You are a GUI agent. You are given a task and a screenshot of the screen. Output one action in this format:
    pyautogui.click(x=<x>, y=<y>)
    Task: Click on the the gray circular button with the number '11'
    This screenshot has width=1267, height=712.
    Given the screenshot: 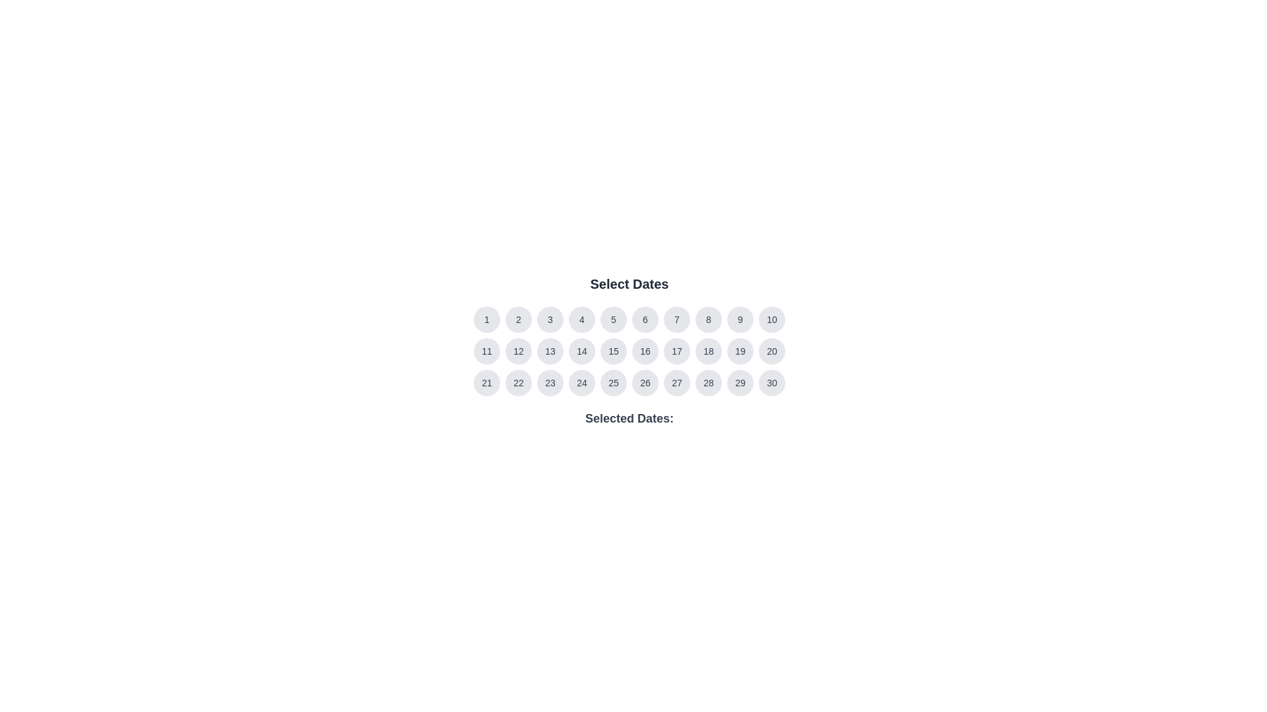 What is the action you would take?
    pyautogui.click(x=486, y=350)
    